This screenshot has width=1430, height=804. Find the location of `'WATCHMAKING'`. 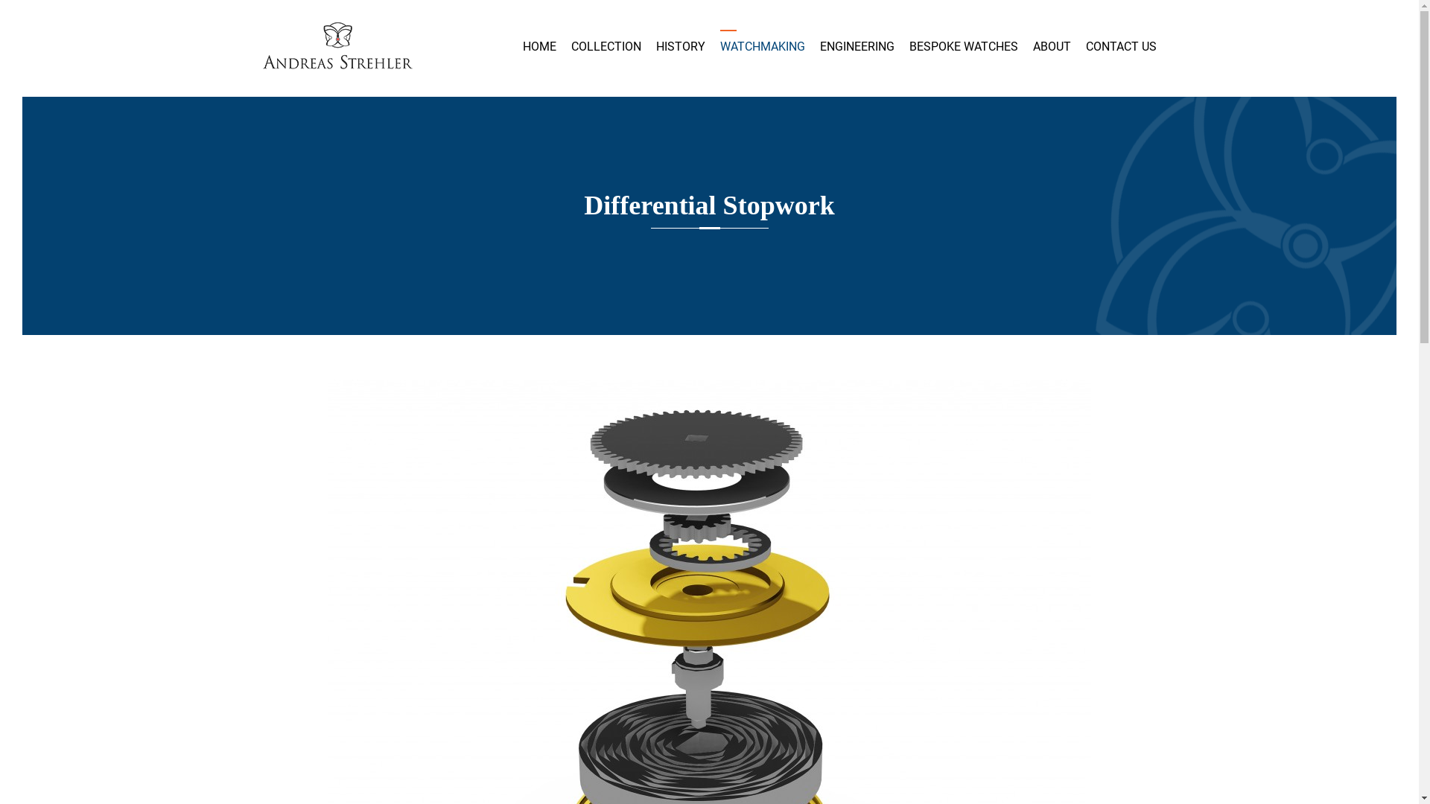

'WATCHMAKING' is located at coordinates (761, 45).